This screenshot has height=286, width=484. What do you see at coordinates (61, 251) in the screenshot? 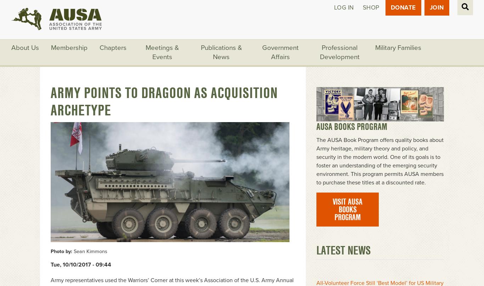
I see `'Photo by:'` at bounding box center [61, 251].